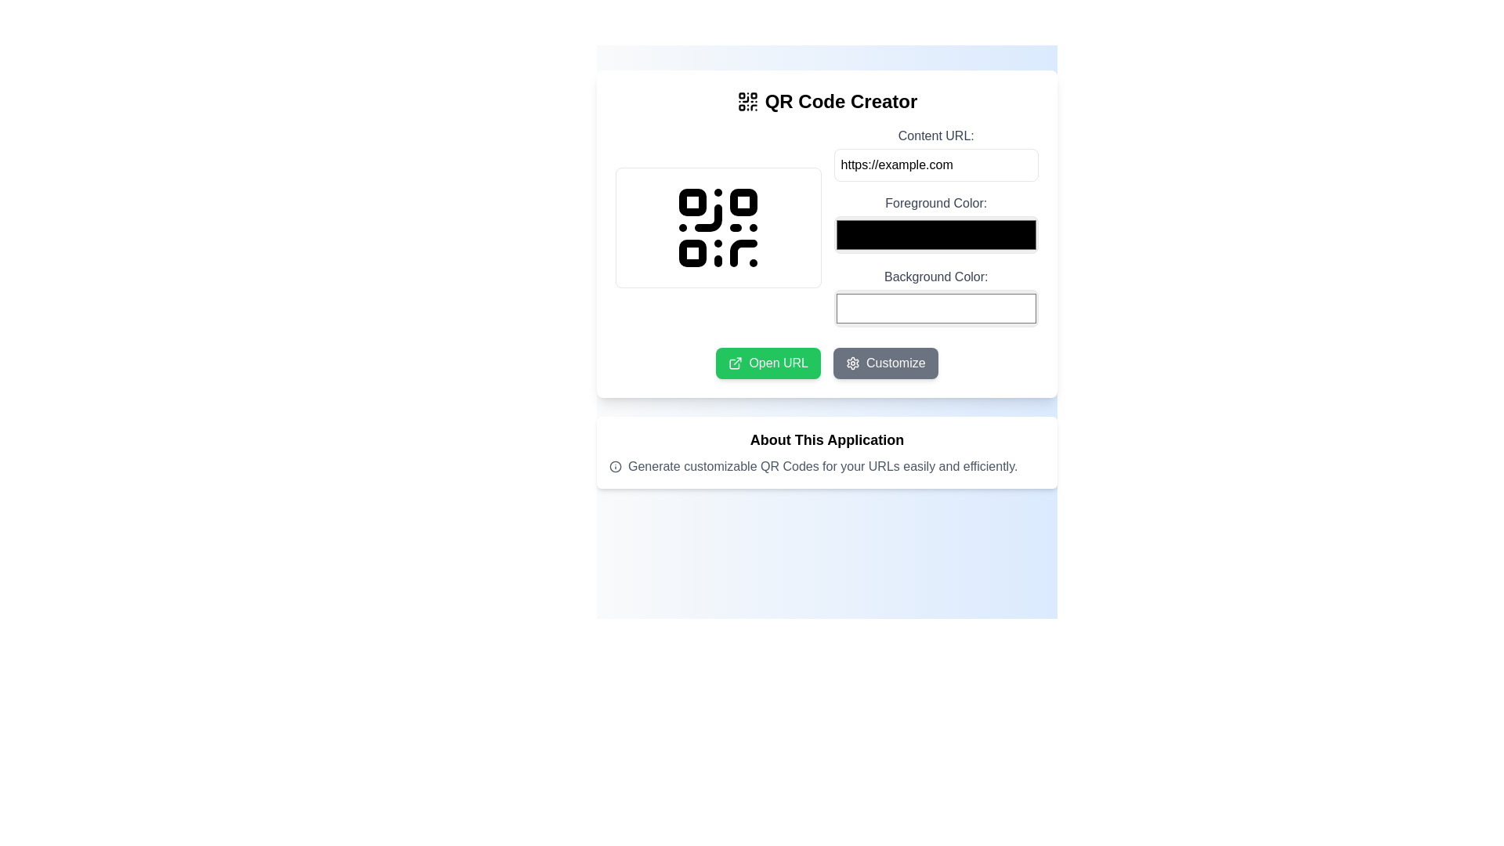  What do you see at coordinates (615, 466) in the screenshot?
I see `the information icon, which is a circular SVG icon with an 'i' in the center, located under the 'About This Application' section, directly preceding the description text` at bounding box center [615, 466].